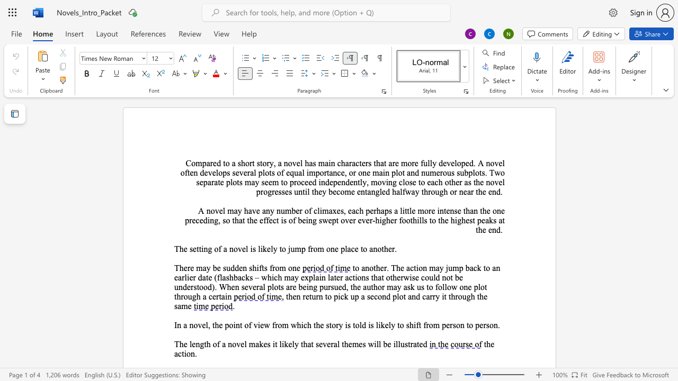 The height and width of the screenshot is (381, 678). What do you see at coordinates (181, 344) in the screenshot?
I see `the 1th character "h" in the text` at bounding box center [181, 344].